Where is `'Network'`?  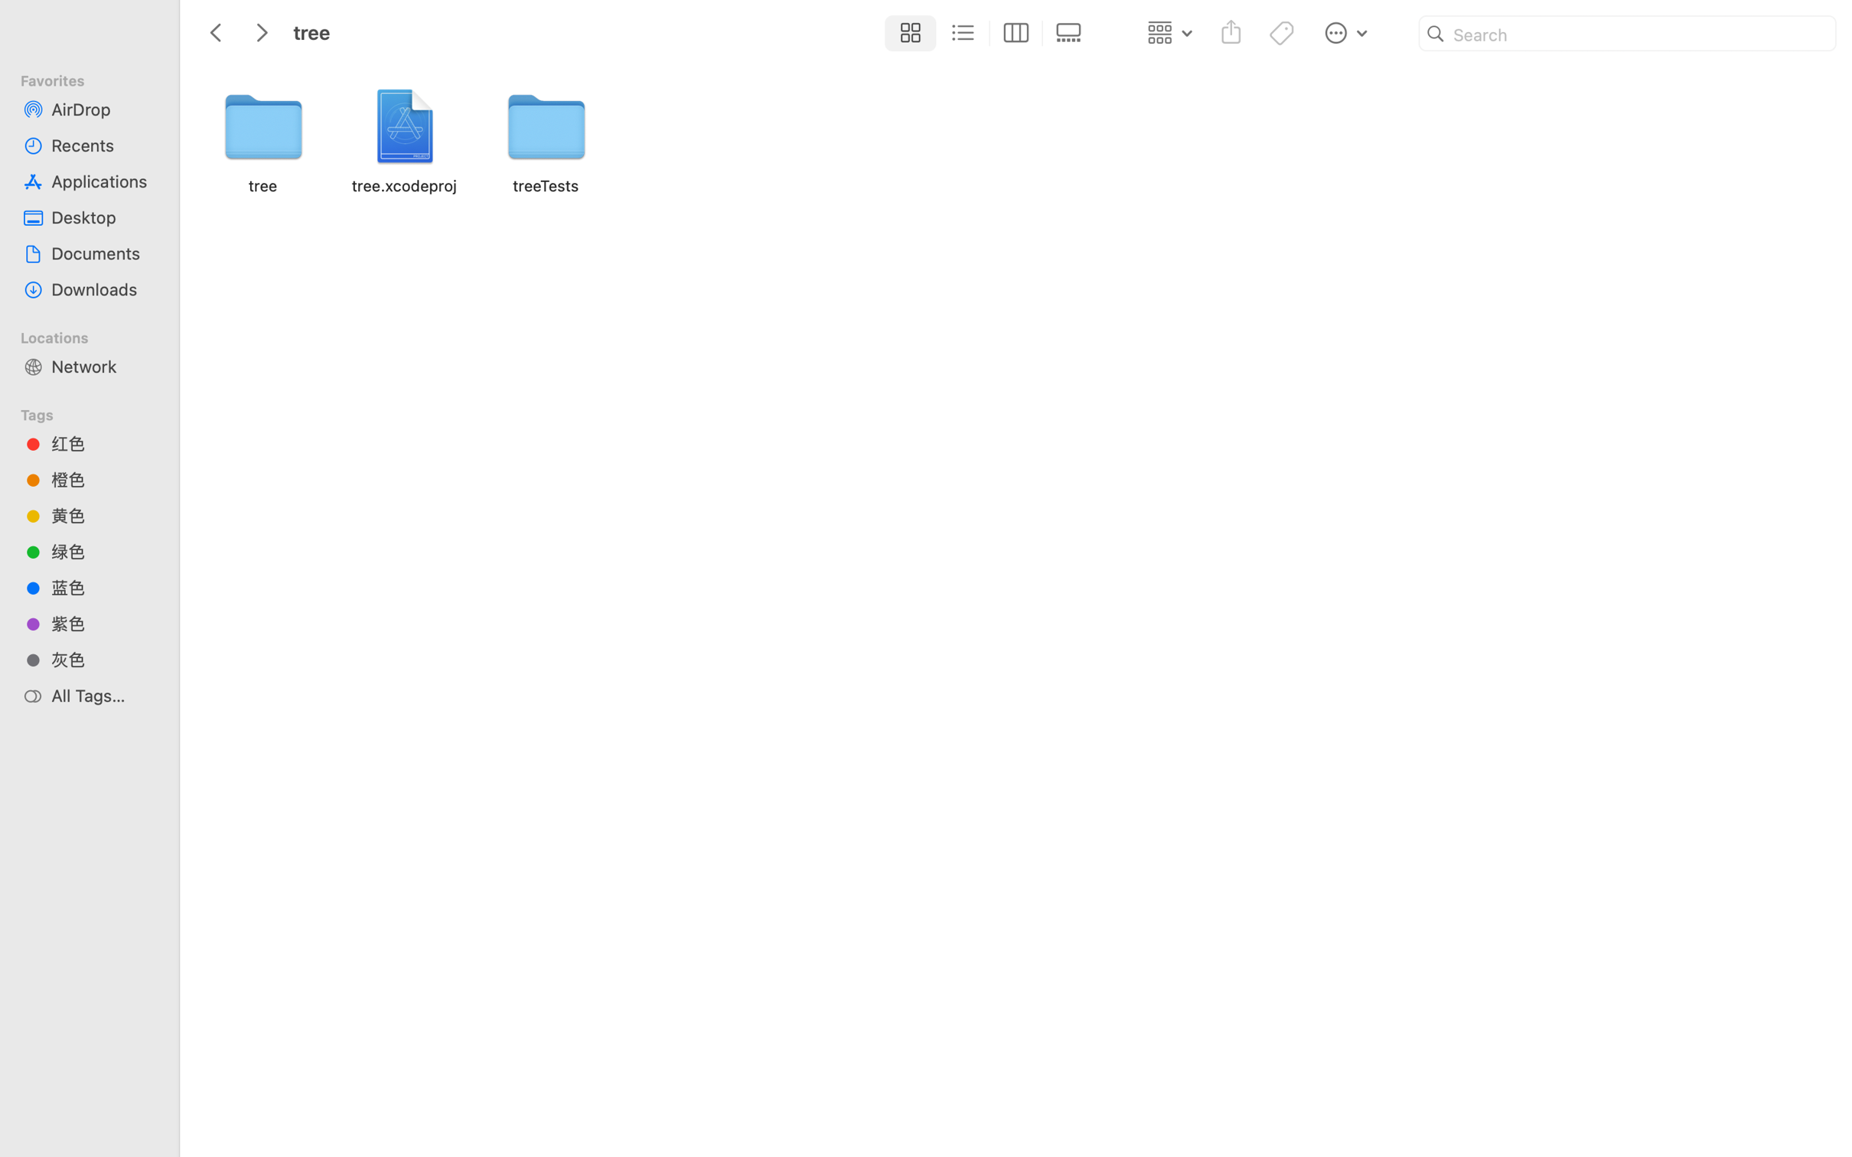
'Network' is located at coordinates (103, 366).